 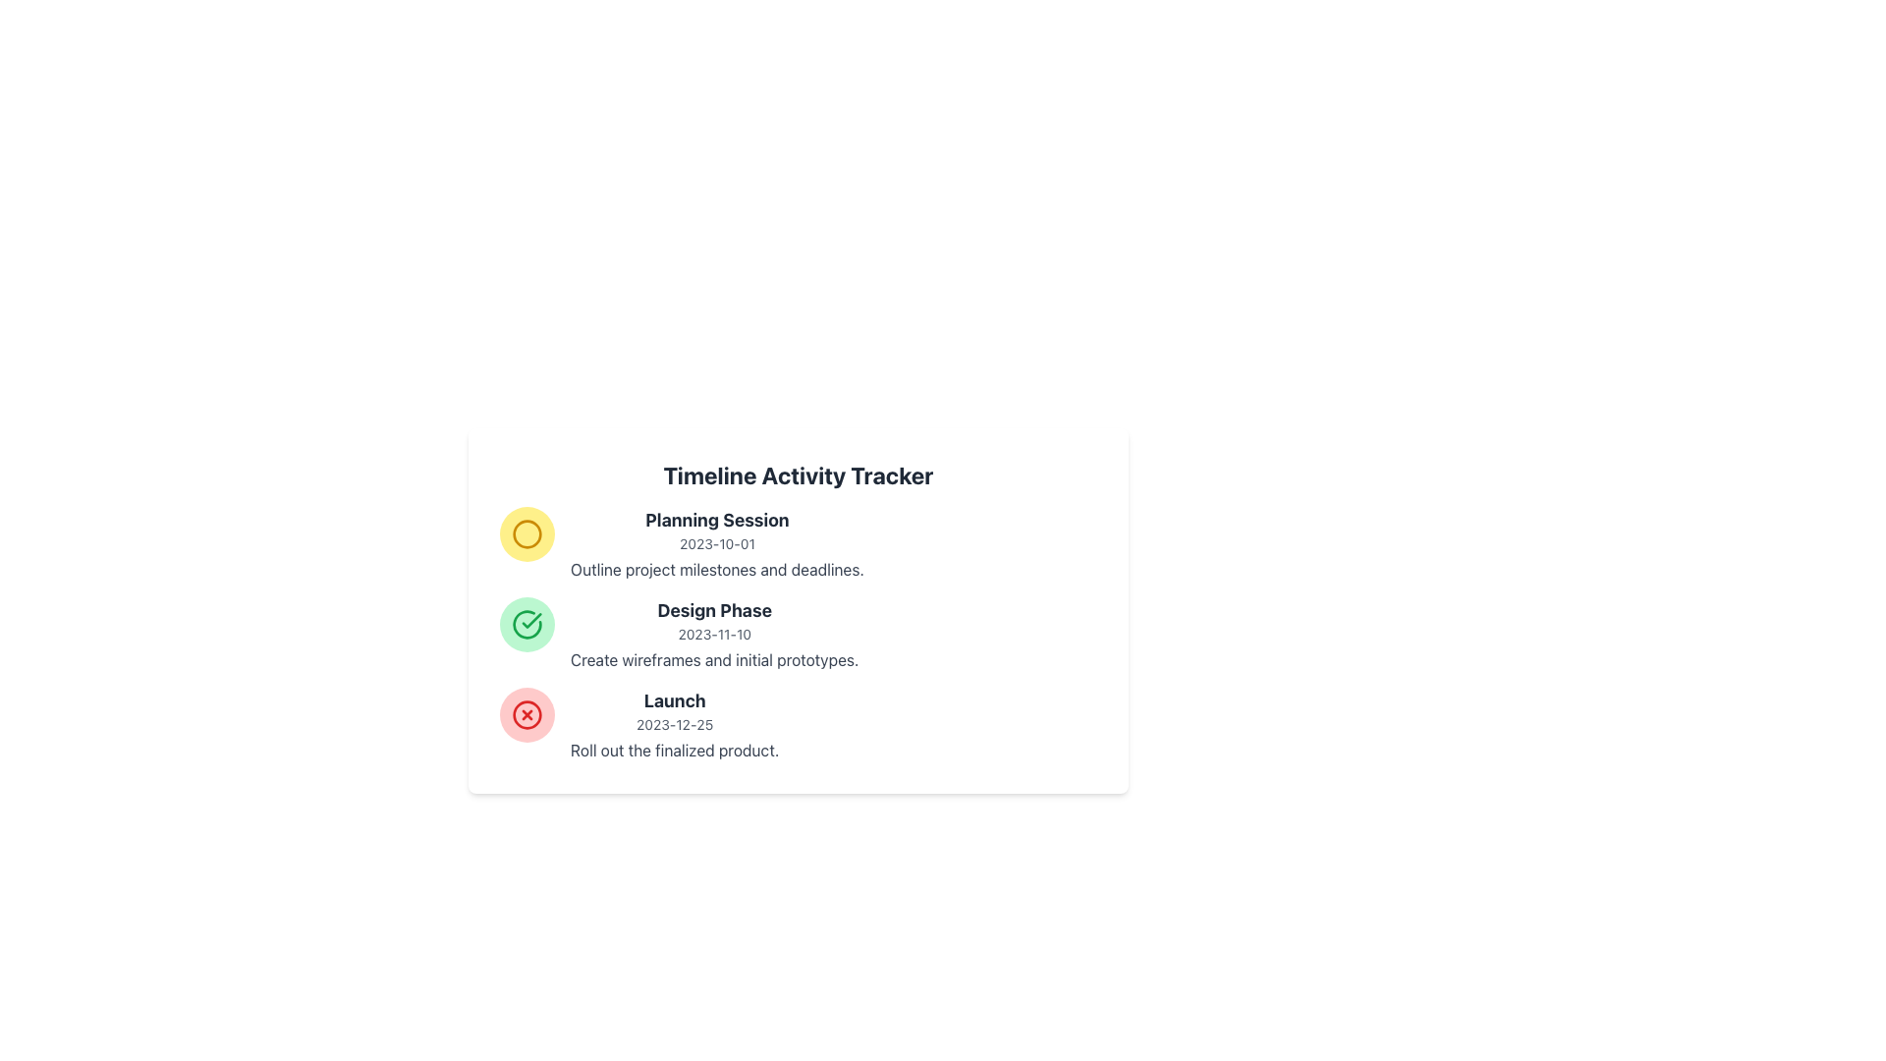 I want to click on text content of the labeled section or card that provides information about the product launch milestone in the vertical timeline display, so click(x=675, y=724).